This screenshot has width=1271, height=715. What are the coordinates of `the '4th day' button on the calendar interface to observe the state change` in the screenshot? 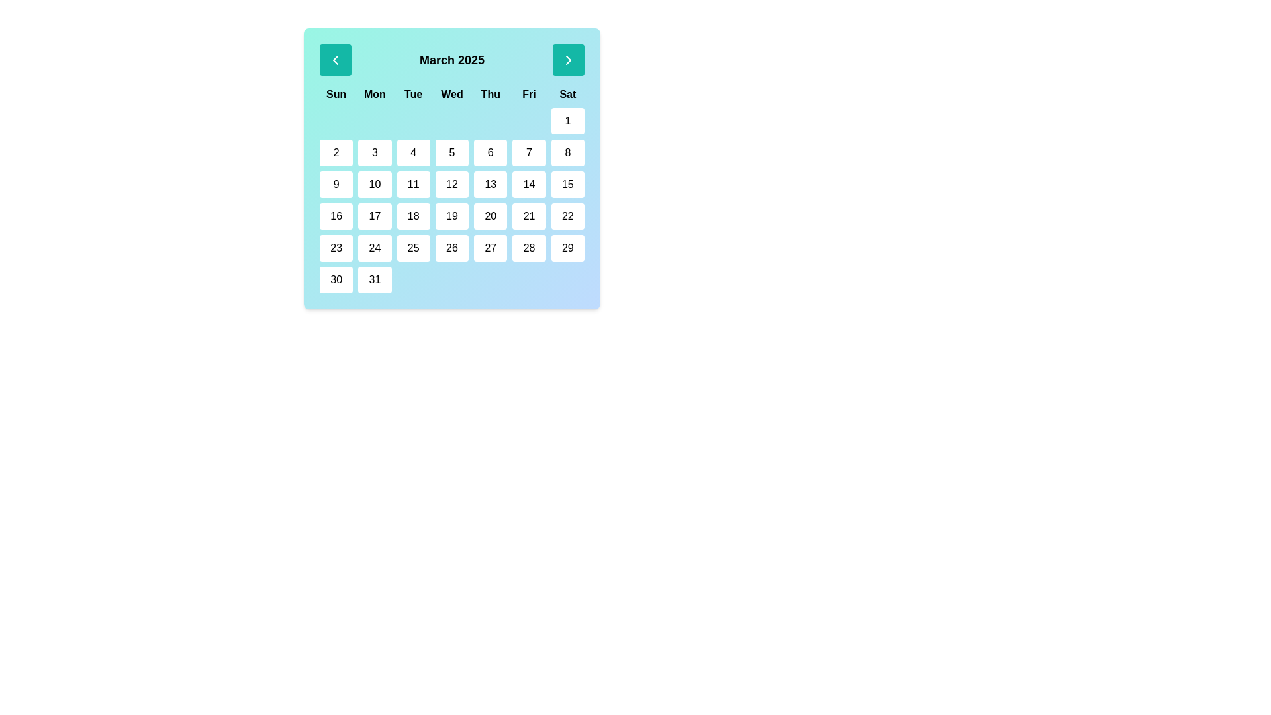 It's located at (412, 152).